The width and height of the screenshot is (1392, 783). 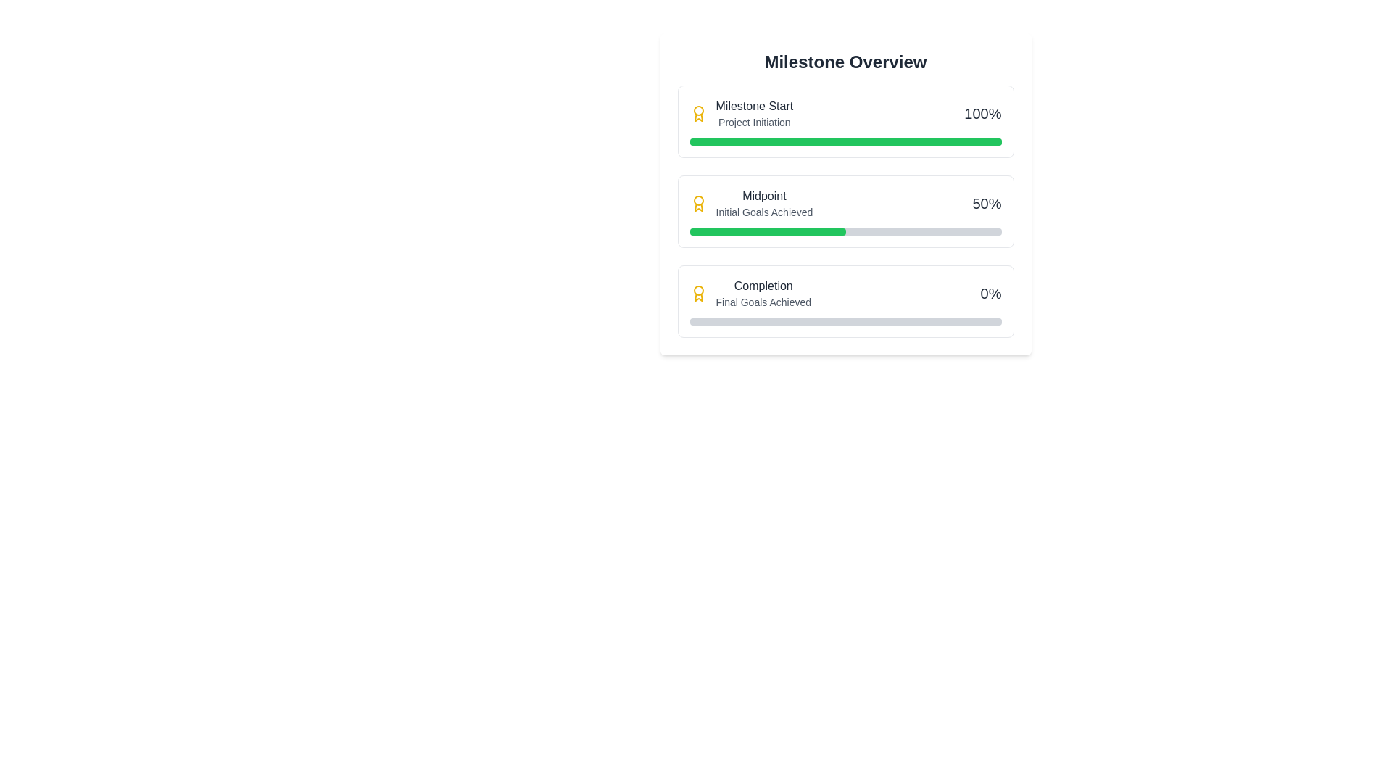 What do you see at coordinates (845, 231) in the screenshot?
I see `the progress bar located in the 'Midpoint' section of the 'Milestone Overview' panel, which indicates 50% progress` at bounding box center [845, 231].